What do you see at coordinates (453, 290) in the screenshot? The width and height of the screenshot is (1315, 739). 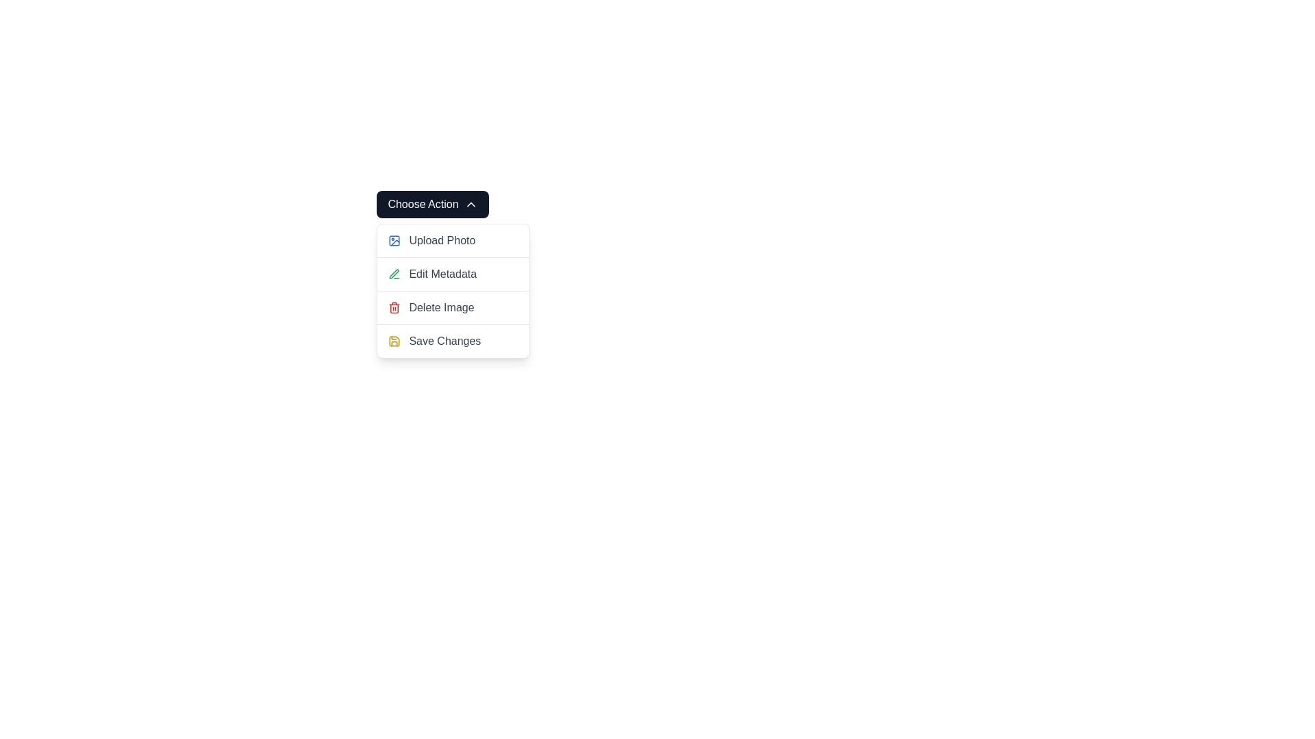 I see `the second menu item in the vertical list, which allows users to edit the metadata of an entity` at bounding box center [453, 290].